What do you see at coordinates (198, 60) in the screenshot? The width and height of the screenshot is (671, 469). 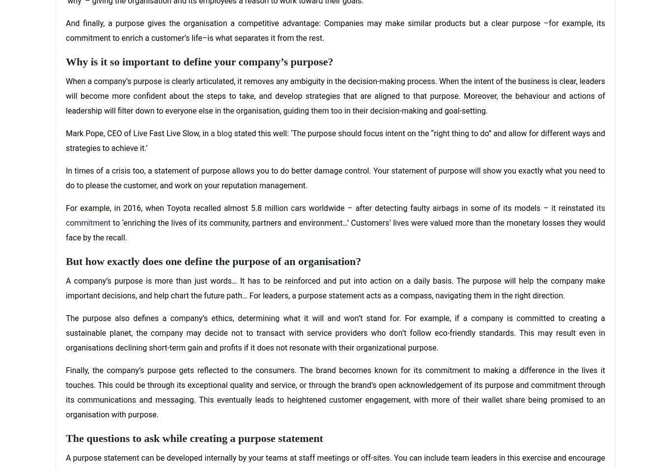 I see `'Why is it so important to define your company’s purpose?'` at bounding box center [198, 60].